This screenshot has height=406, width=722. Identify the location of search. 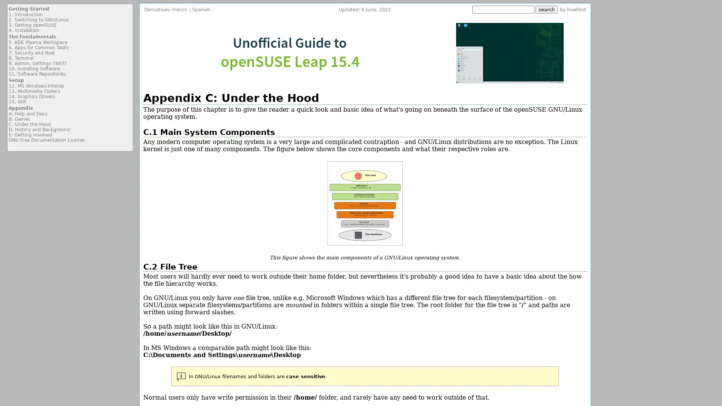
(546, 9).